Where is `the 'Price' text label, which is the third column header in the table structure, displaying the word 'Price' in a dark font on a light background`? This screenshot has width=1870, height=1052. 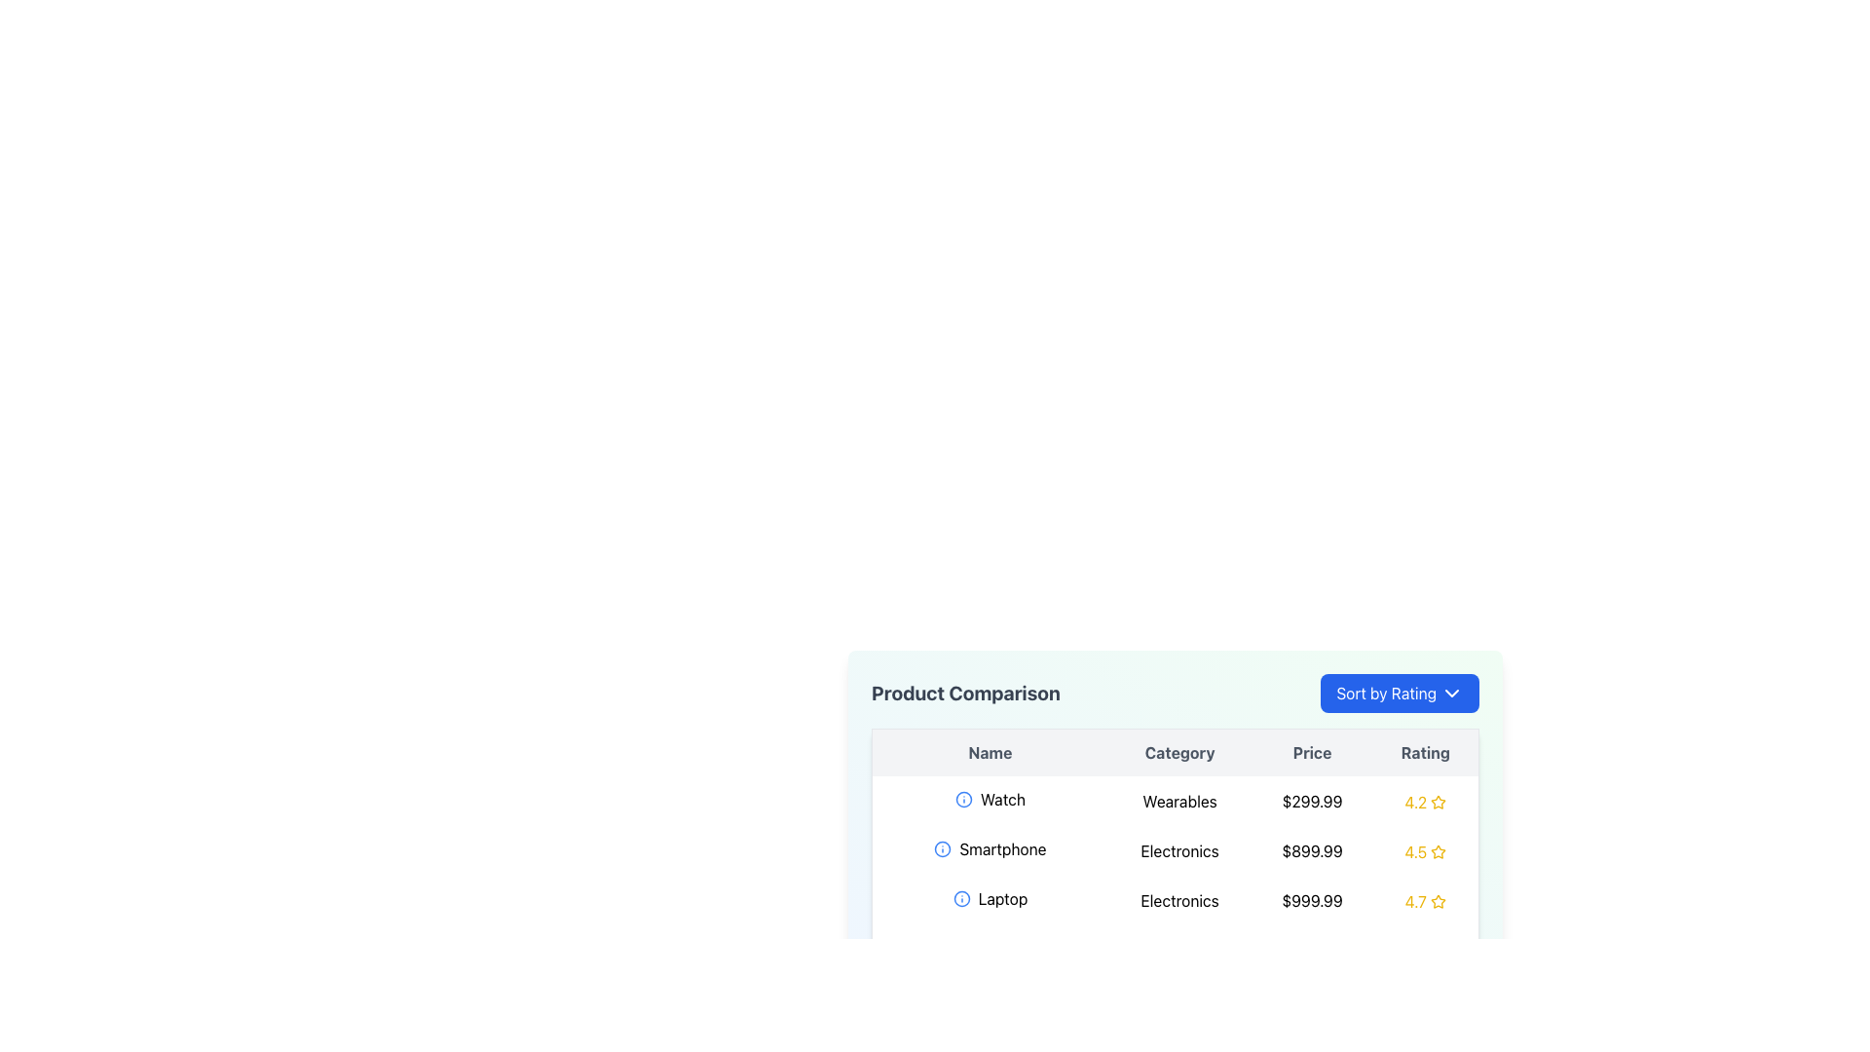 the 'Price' text label, which is the third column header in the table structure, displaying the word 'Price' in a dark font on a light background is located at coordinates (1312, 751).